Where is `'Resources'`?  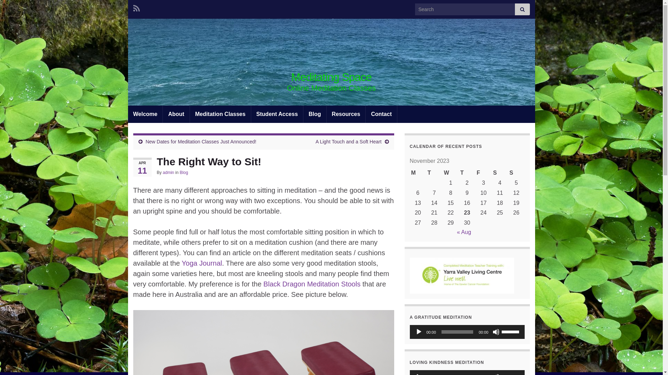
'Resources' is located at coordinates (346, 114).